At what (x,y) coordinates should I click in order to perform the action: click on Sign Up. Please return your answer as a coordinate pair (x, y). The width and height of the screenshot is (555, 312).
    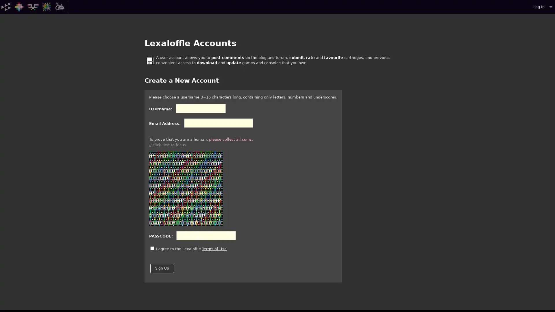
    Looking at the image, I should click on (162, 268).